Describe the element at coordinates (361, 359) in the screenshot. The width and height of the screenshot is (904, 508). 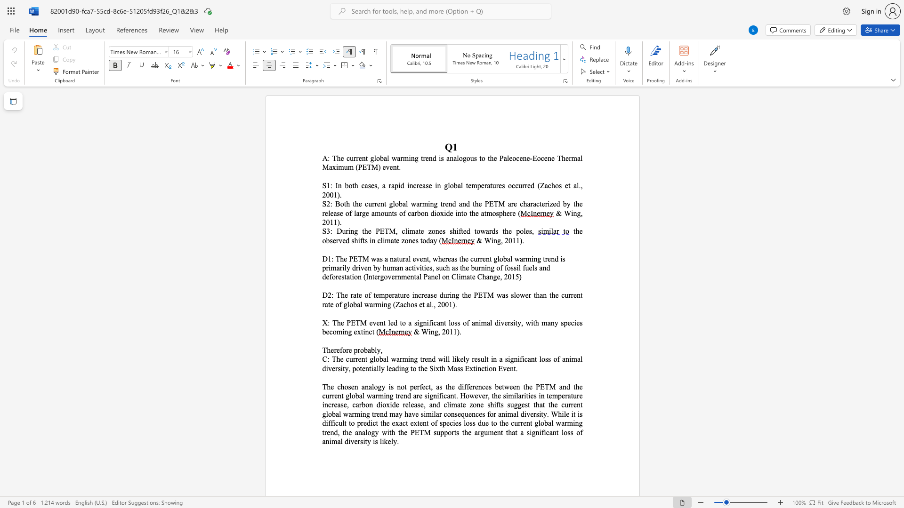
I see `the subset text "nt global w" within the text "rent global warming trend will"` at that location.